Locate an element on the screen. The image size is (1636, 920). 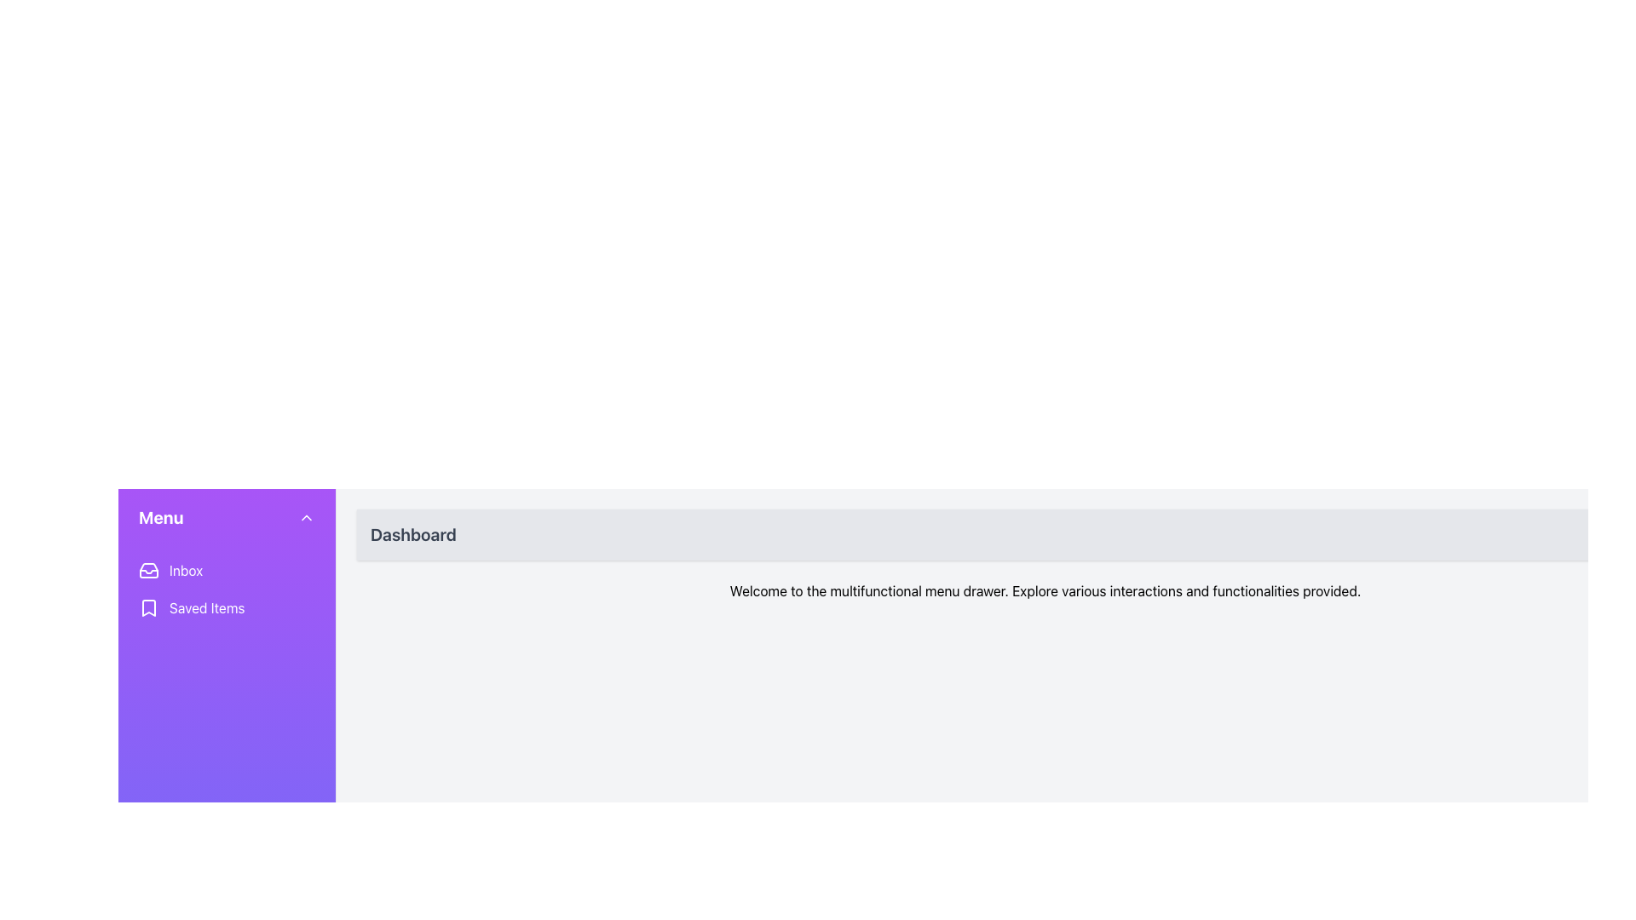
the 'Inbox' text label, which is styled in white on a purple background and indicates a navigation menu item, located in the side navigation menu is located at coordinates (186, 571).